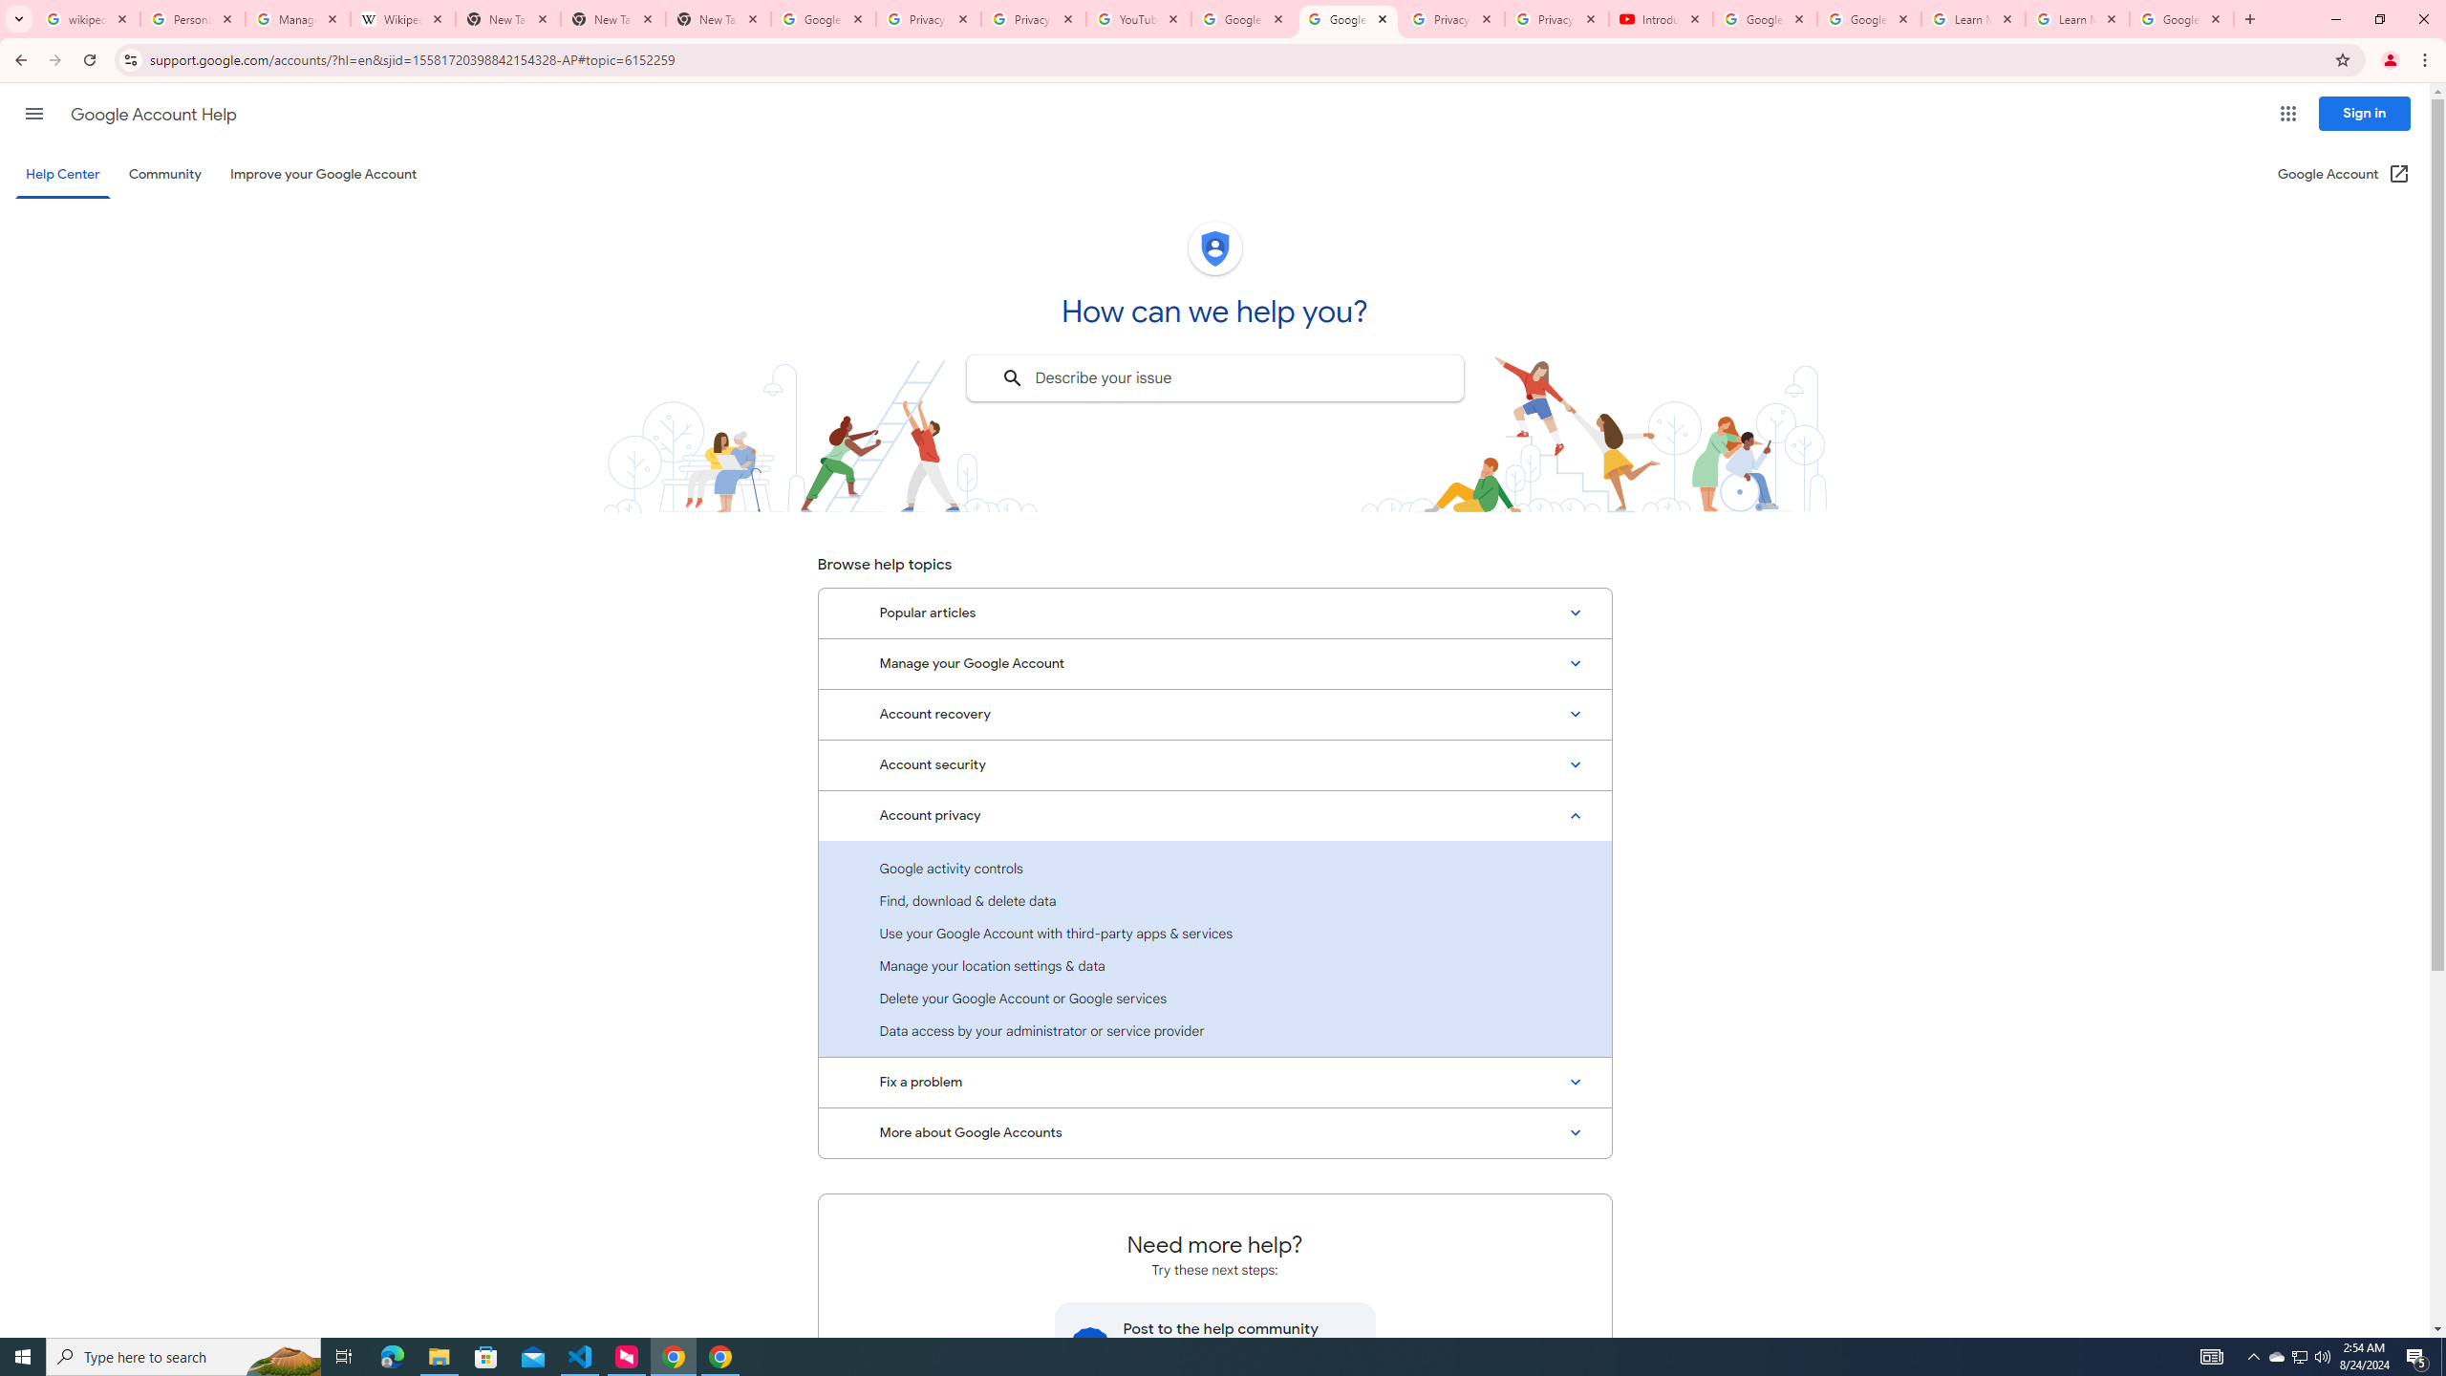 Image resolution: width=2446 pixels, height=1376 pixels. I want to click on 'Manage your Google Account', so click(1214, 663).